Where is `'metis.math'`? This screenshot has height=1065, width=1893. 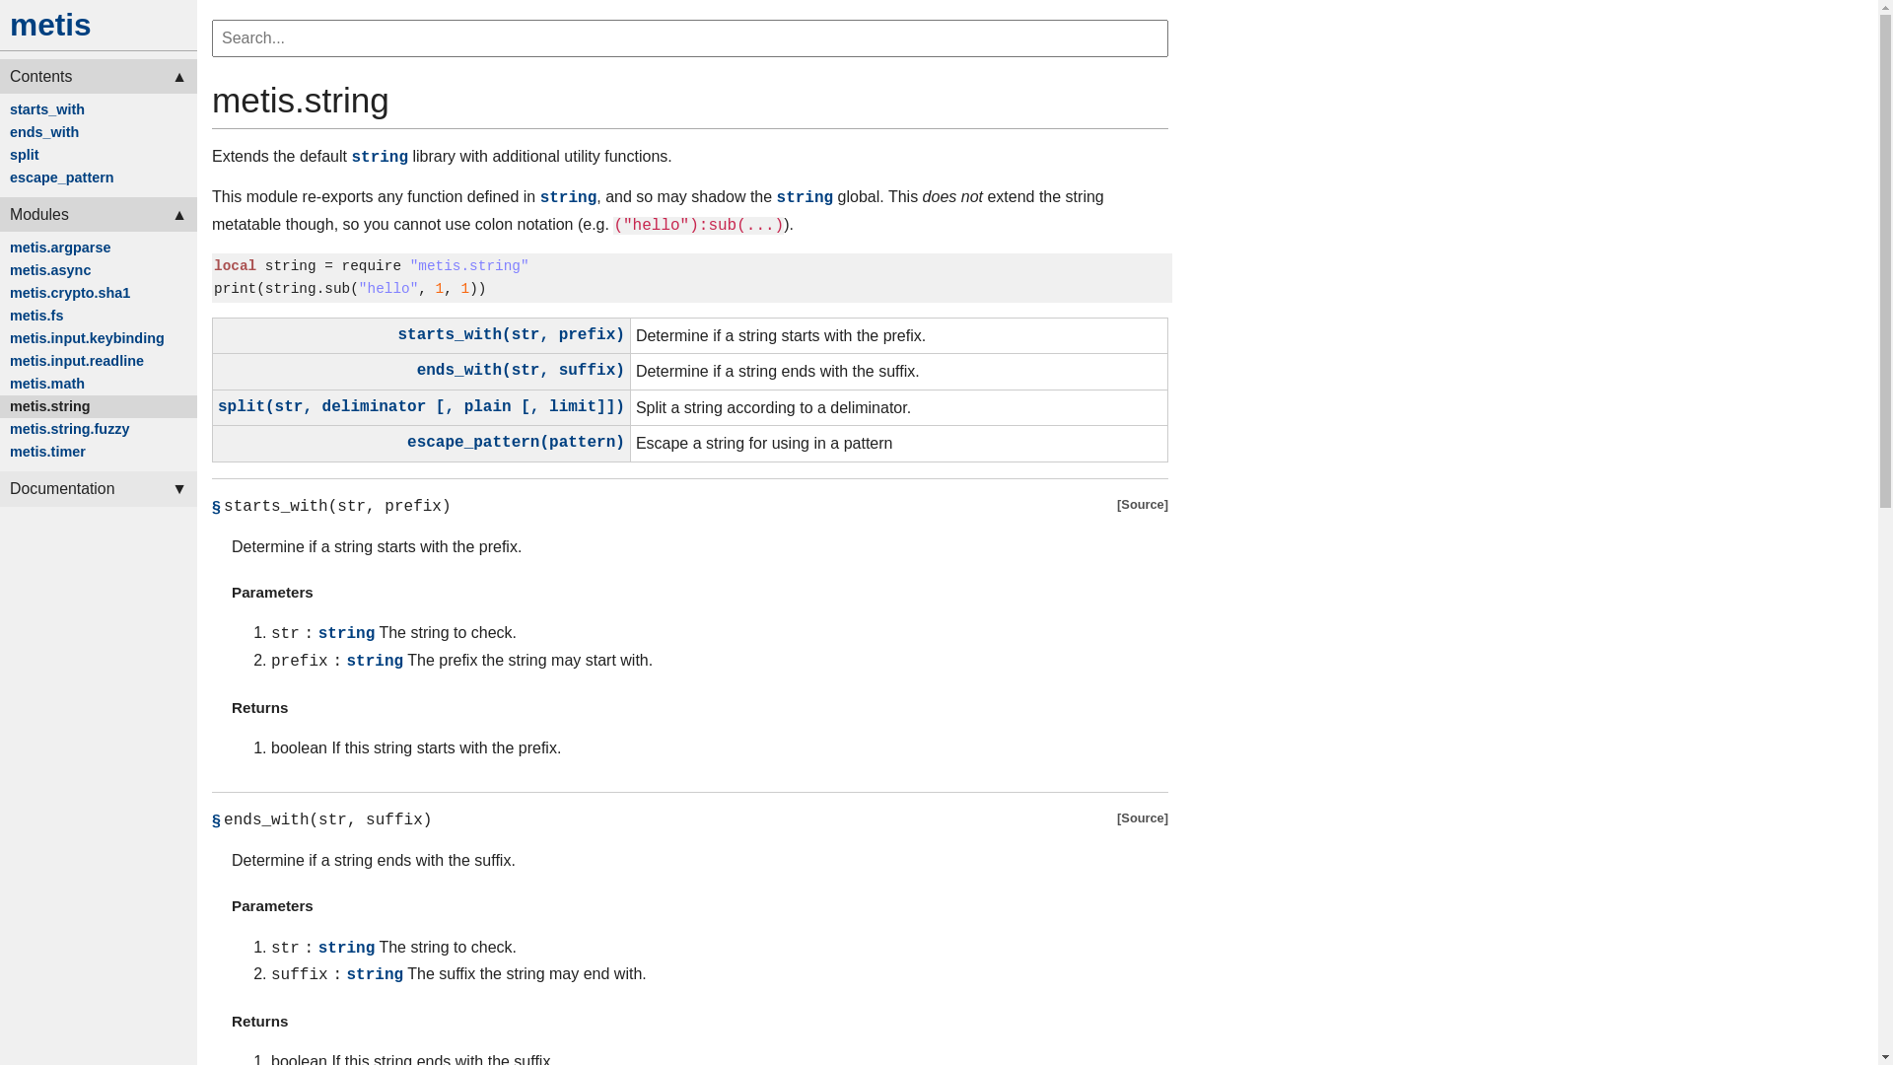 'metis.math' is located at coordinates (0, 384).